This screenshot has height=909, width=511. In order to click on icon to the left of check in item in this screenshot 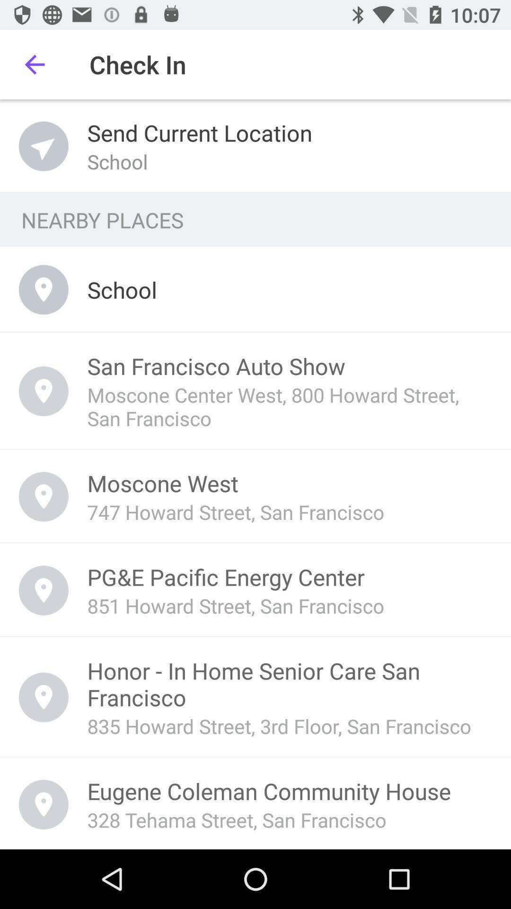, I will do `click(34, 64)`.